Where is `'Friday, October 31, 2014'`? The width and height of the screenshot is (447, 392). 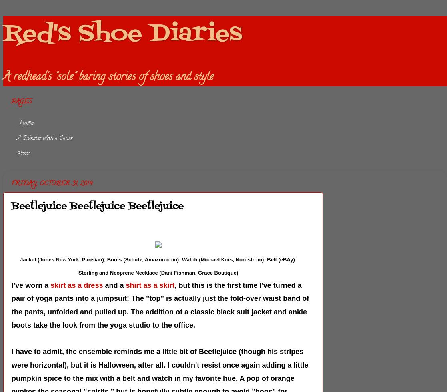 'Friday, October 31, 2014' is located at coordinates (52, 183).